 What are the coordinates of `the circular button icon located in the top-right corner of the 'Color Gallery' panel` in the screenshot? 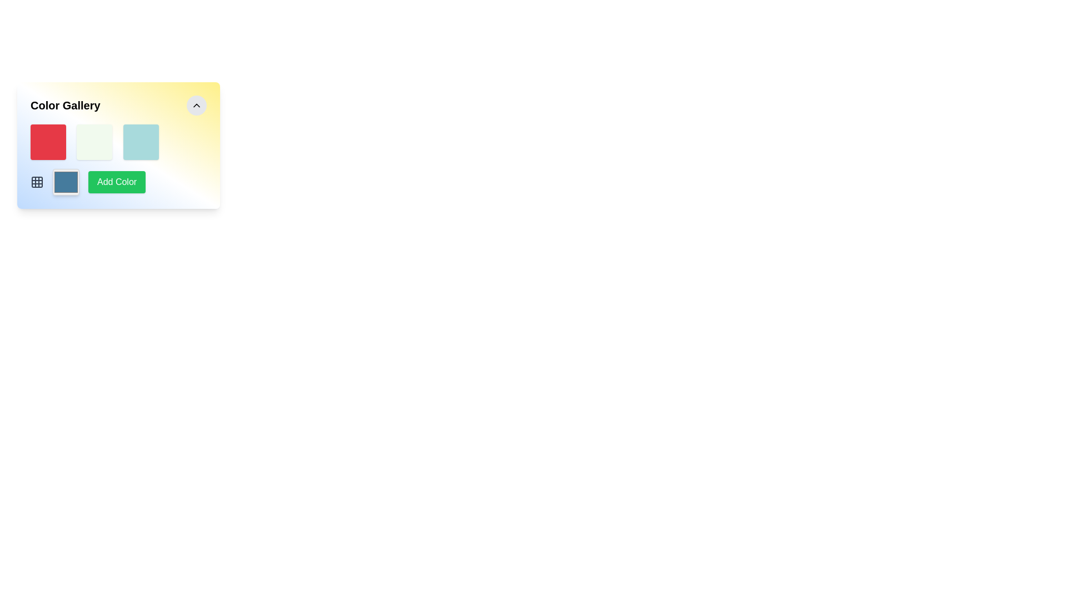 It's located at (197, 105).